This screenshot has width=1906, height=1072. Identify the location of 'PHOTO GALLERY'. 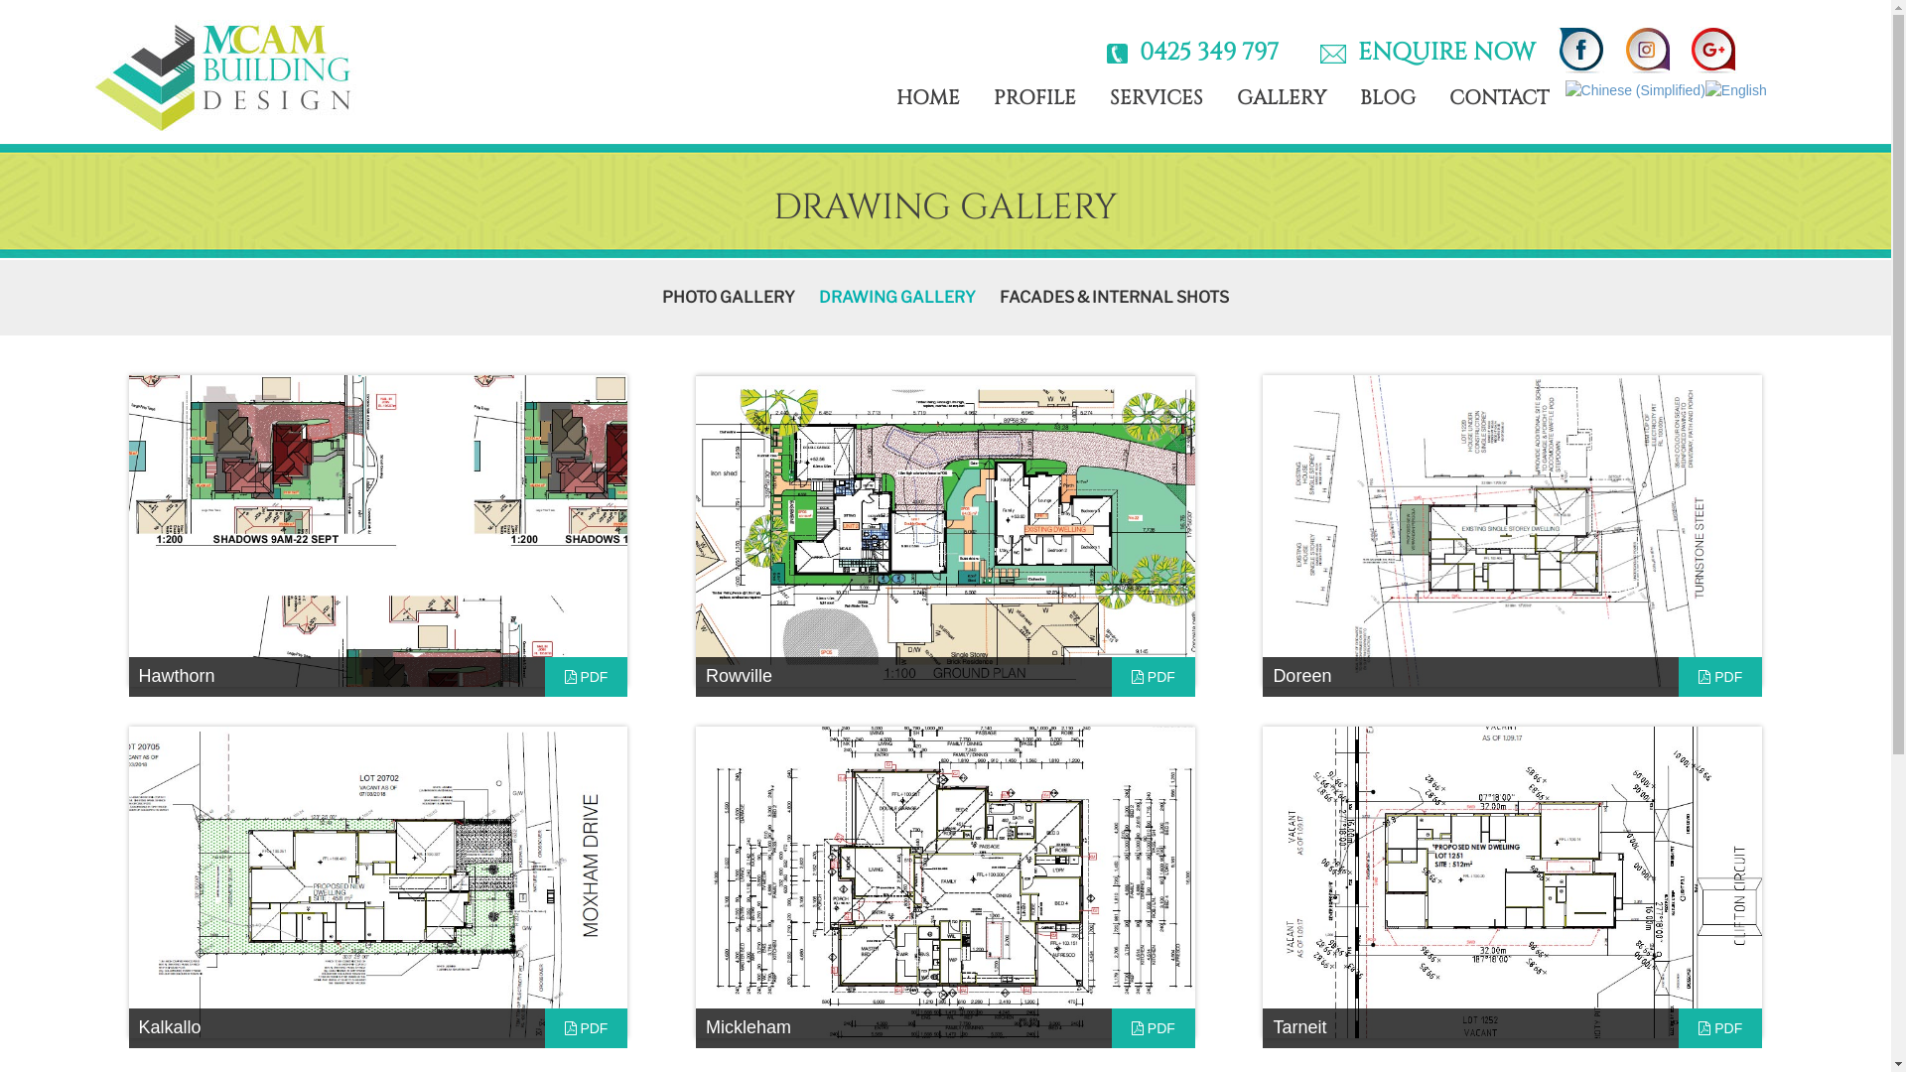
(728, 297).